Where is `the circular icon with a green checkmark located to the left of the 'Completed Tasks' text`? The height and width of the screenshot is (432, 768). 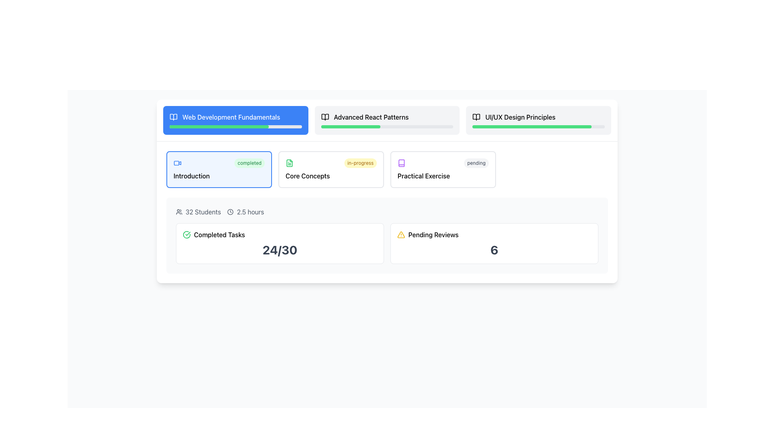
the circular icon with a green checkmark located to the left of the 'Completed Tasks' text is located at coordinates (186, 234).